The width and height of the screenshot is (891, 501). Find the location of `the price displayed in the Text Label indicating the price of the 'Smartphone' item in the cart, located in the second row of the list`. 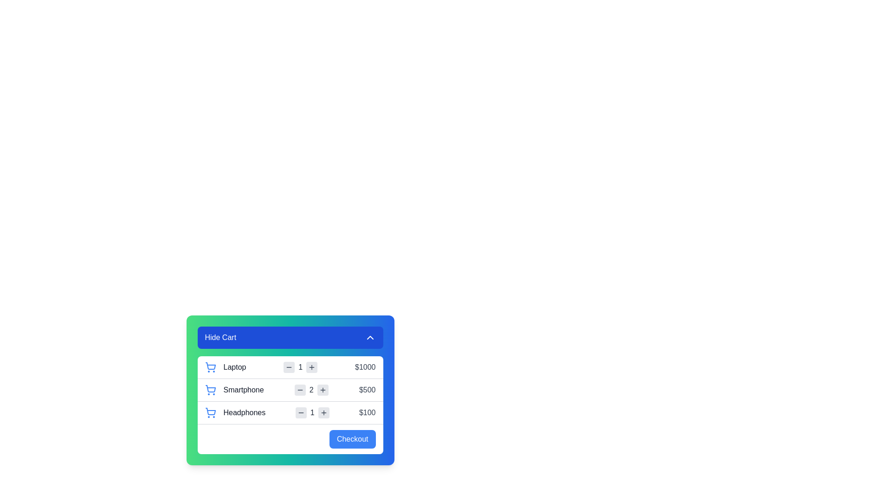

the price displayed in the Text Label indicating the price of the 'Smartphone' item in the cart, located in the second row of the list is located at coordinates (367, 390).